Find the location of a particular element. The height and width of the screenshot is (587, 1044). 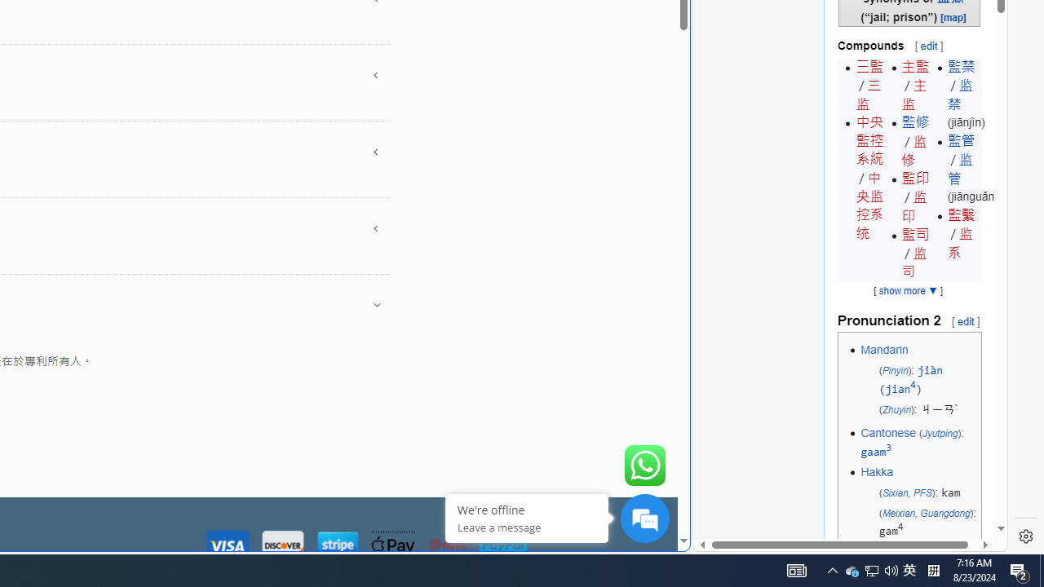

'[map]' is located at coordinates (953, 16).